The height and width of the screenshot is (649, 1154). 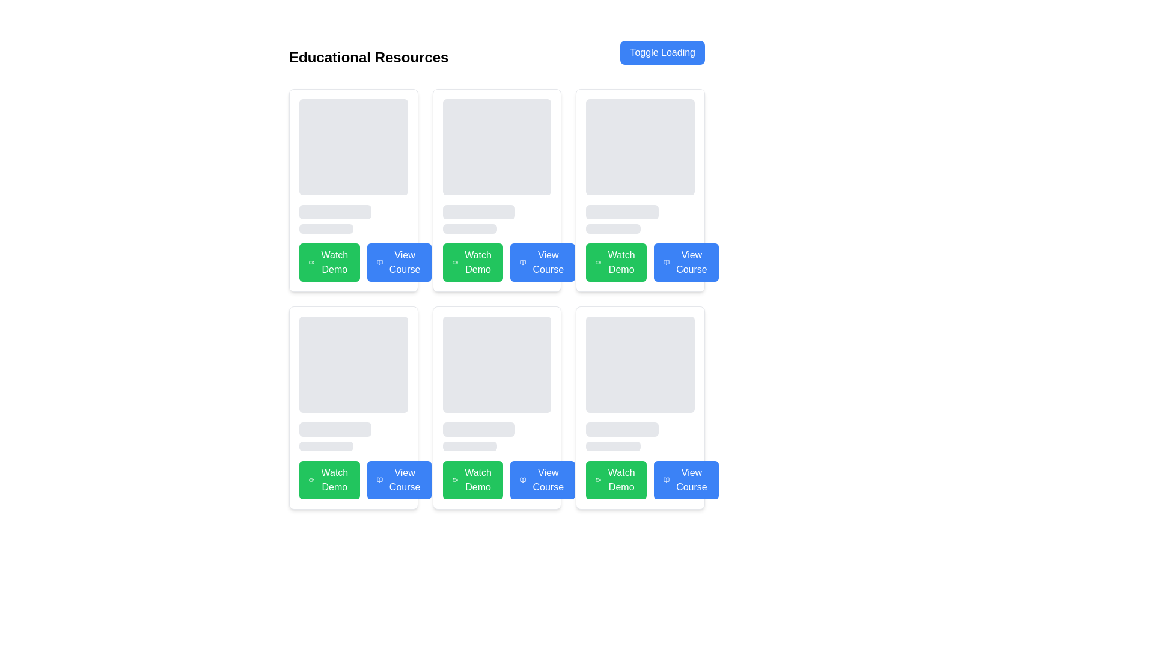 I want to click on the rectangular placeholder element with a light gray background, located below a larger placeholder and above a smaller rectangle in the second column of the grid layout, so click(x=335, y=428).